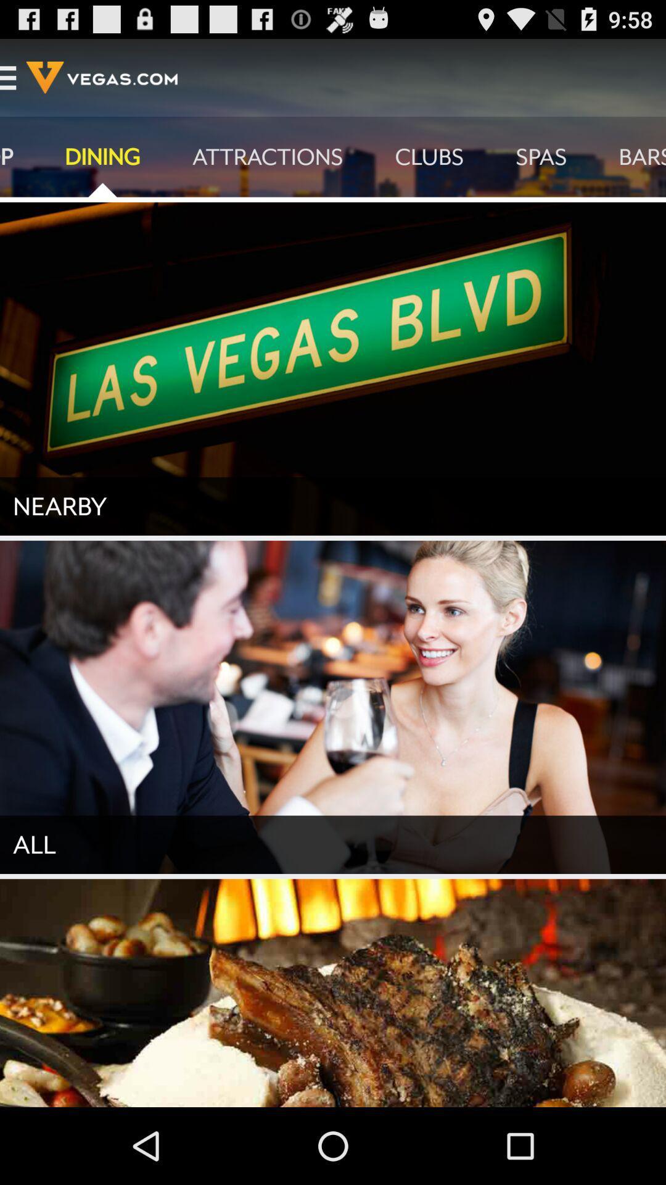  Describe the element at coordinates (101, 77) in the screenshot. I see `the text vegascom` at that location.